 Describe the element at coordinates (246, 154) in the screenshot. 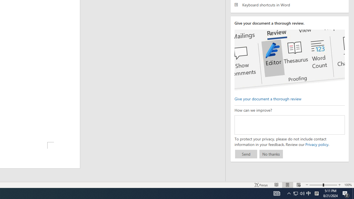

I see `'Send'` at that location.